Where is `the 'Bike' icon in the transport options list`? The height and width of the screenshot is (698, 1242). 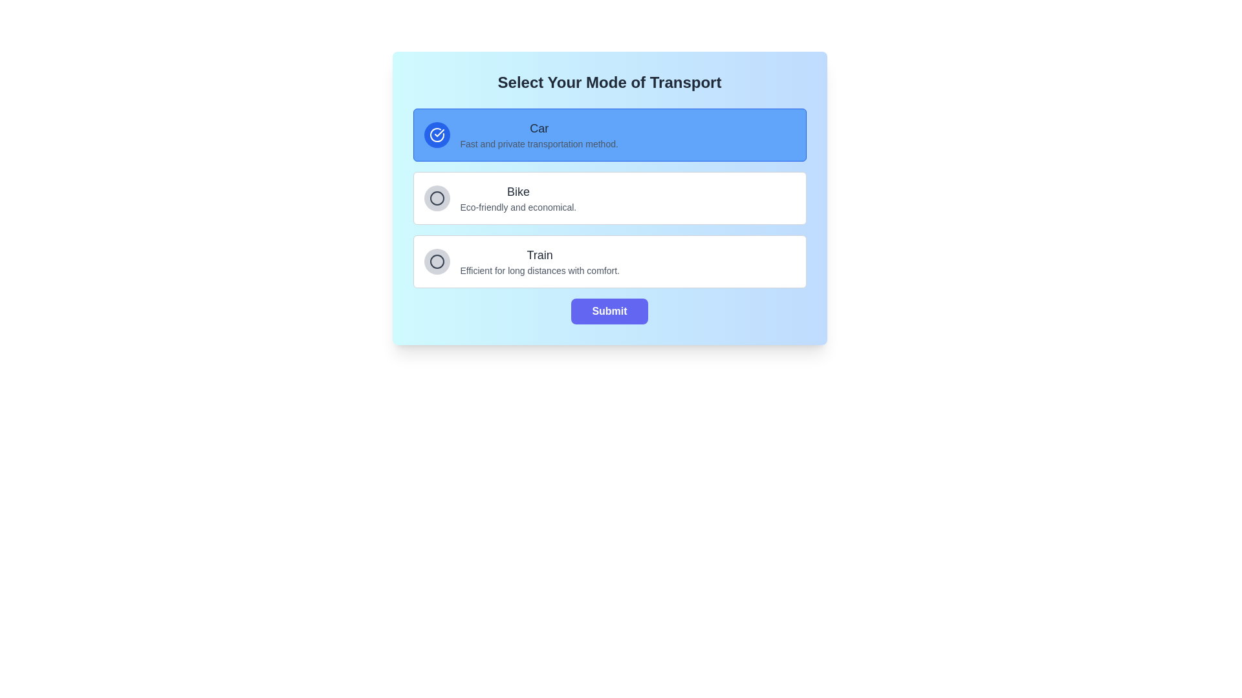 the 'Bike' icon in the transport options list is located at coordinates (437, 198).